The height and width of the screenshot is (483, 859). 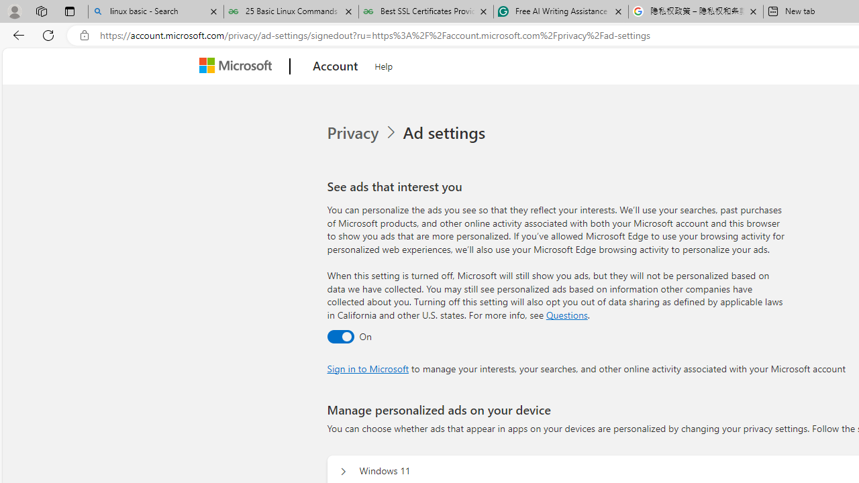 What do you see at coordinates (425, 11) in the screenshot?
I see `'Best SSL Certificates Provider in India - GeeksforGeeks'` at bounding box center [425, 11].